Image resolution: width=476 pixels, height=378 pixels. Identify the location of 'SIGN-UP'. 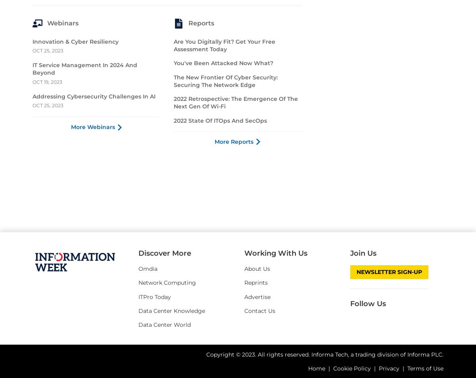
(167, 74).